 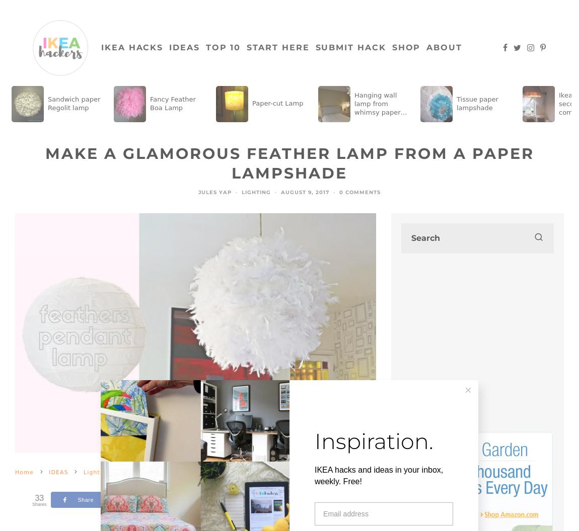 What do you see at coordinates (349, 47) in the screenshot?
I see `'Submit Hack'` at bounding box center [349, 47].